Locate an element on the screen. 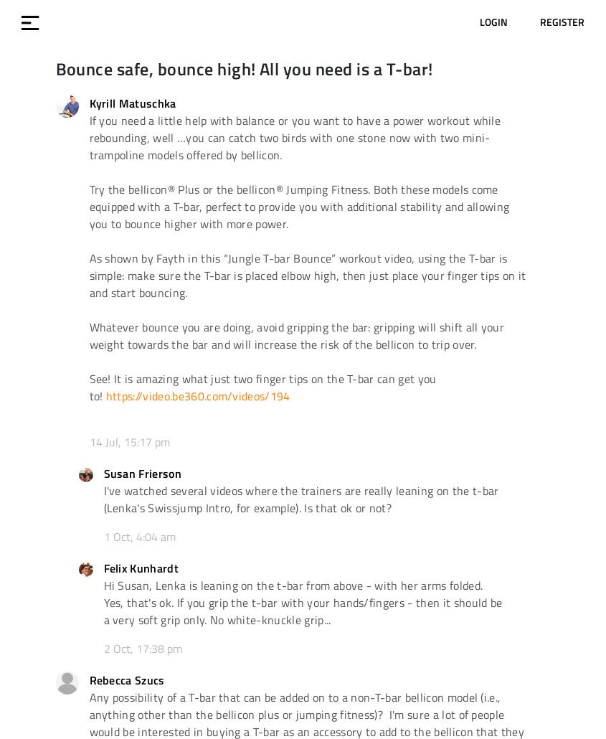 This screenshot has height=739, width=606. 'Hi Susan, Lenka is leaning on the t-bar from above - with her arms folded. Yes, that's ok. If you grip the t-bar with your hands/fingers - then it should be a very soft grip only. No white-knuckle grip...' is located at coordinates (301, 601).